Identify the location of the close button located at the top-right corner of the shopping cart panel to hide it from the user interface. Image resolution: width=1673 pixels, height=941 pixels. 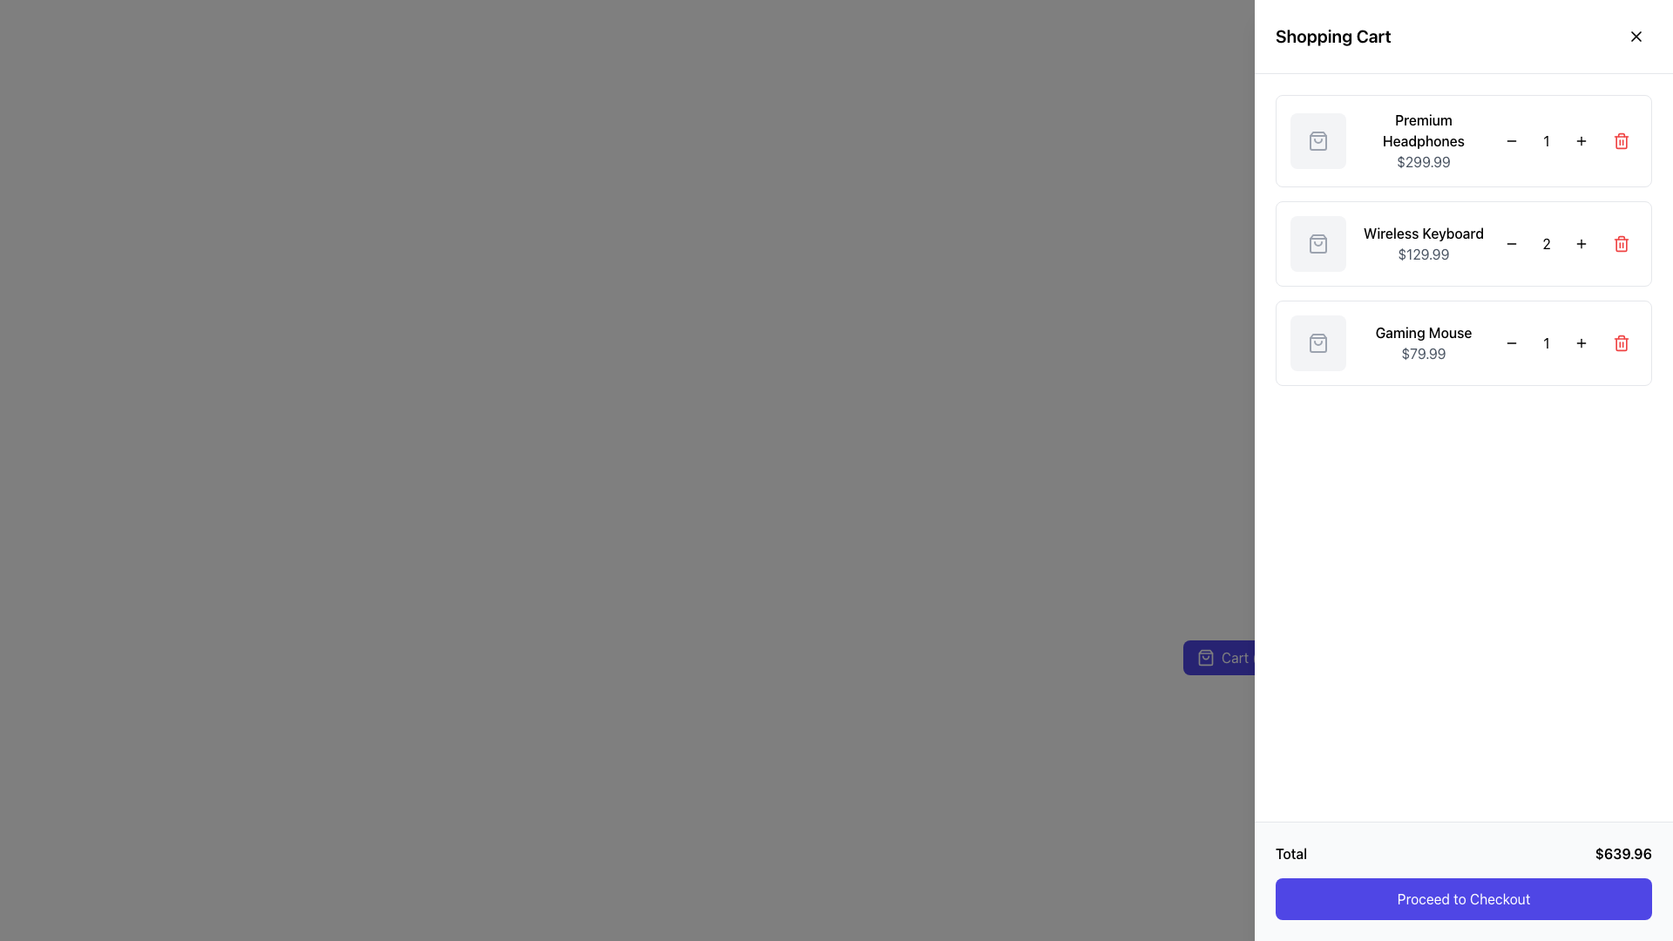
(1635, 37).